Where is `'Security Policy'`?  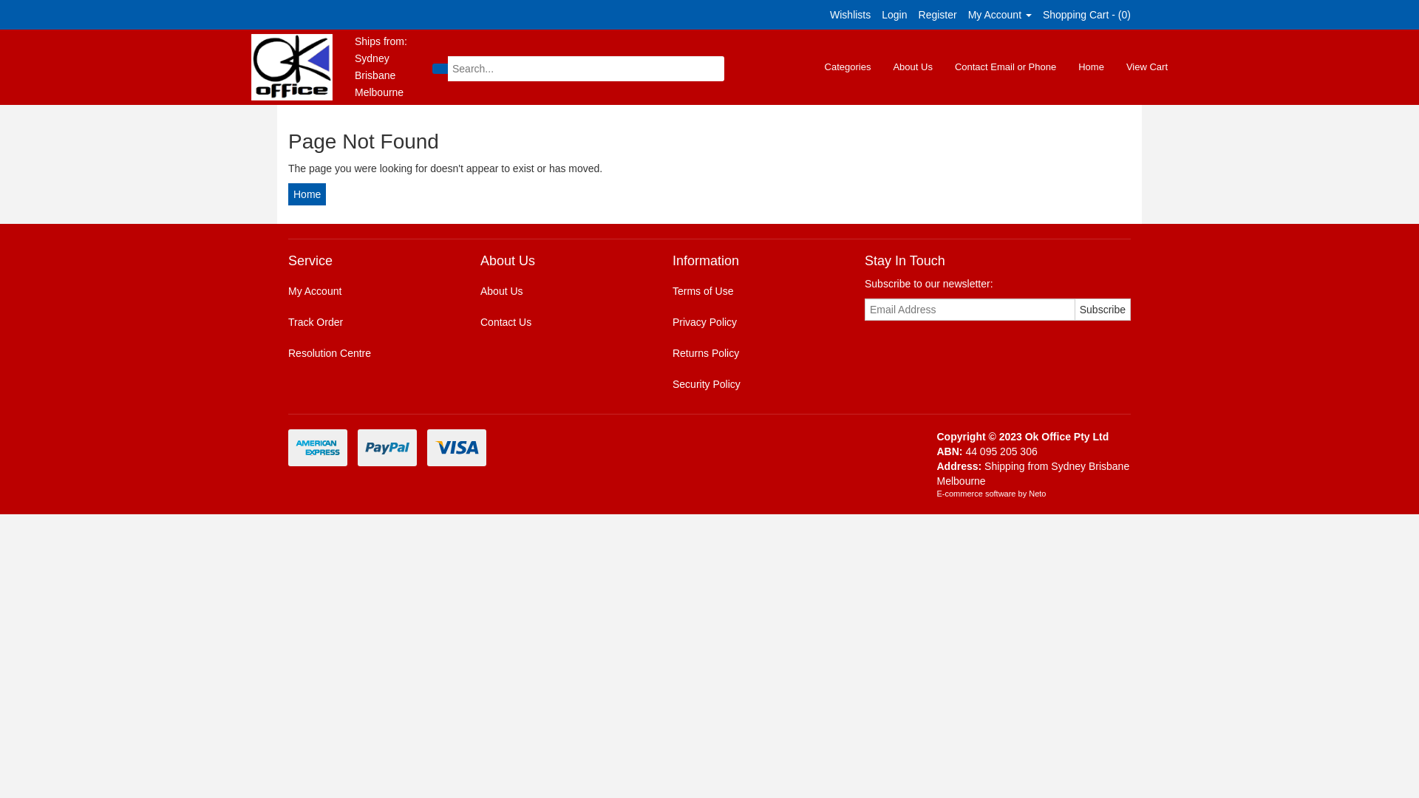 'Security Policy' is located at coordinates (752, 383).